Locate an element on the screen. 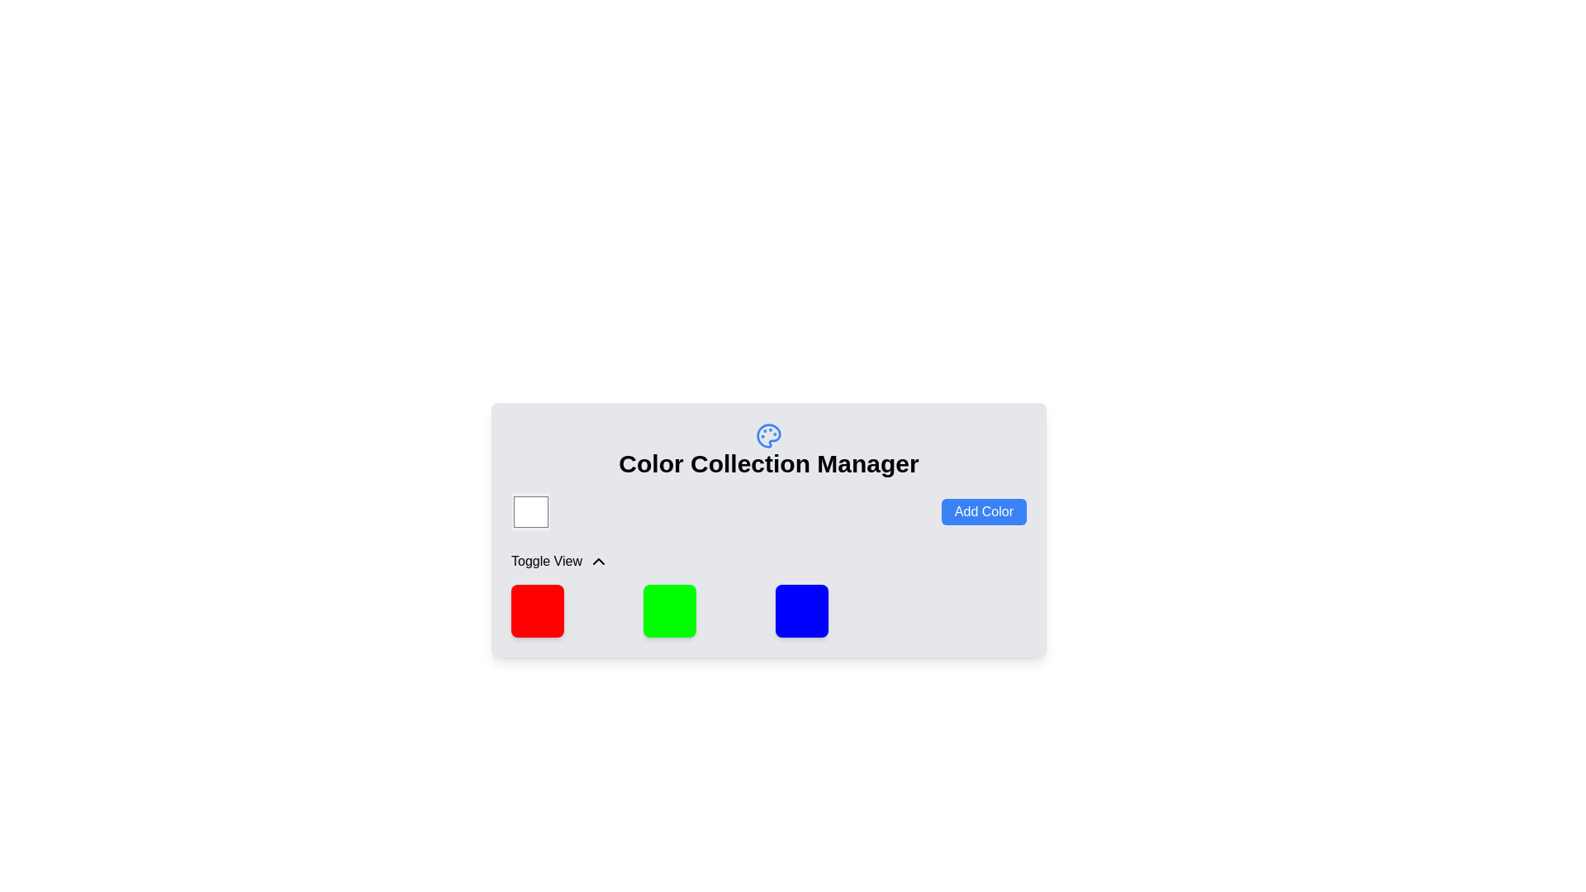 This screenshot has width=1586, height=892. the blue button labeled 'Add Color' located at the top-right corner of the UI panel is located at coordinates (984, 511).